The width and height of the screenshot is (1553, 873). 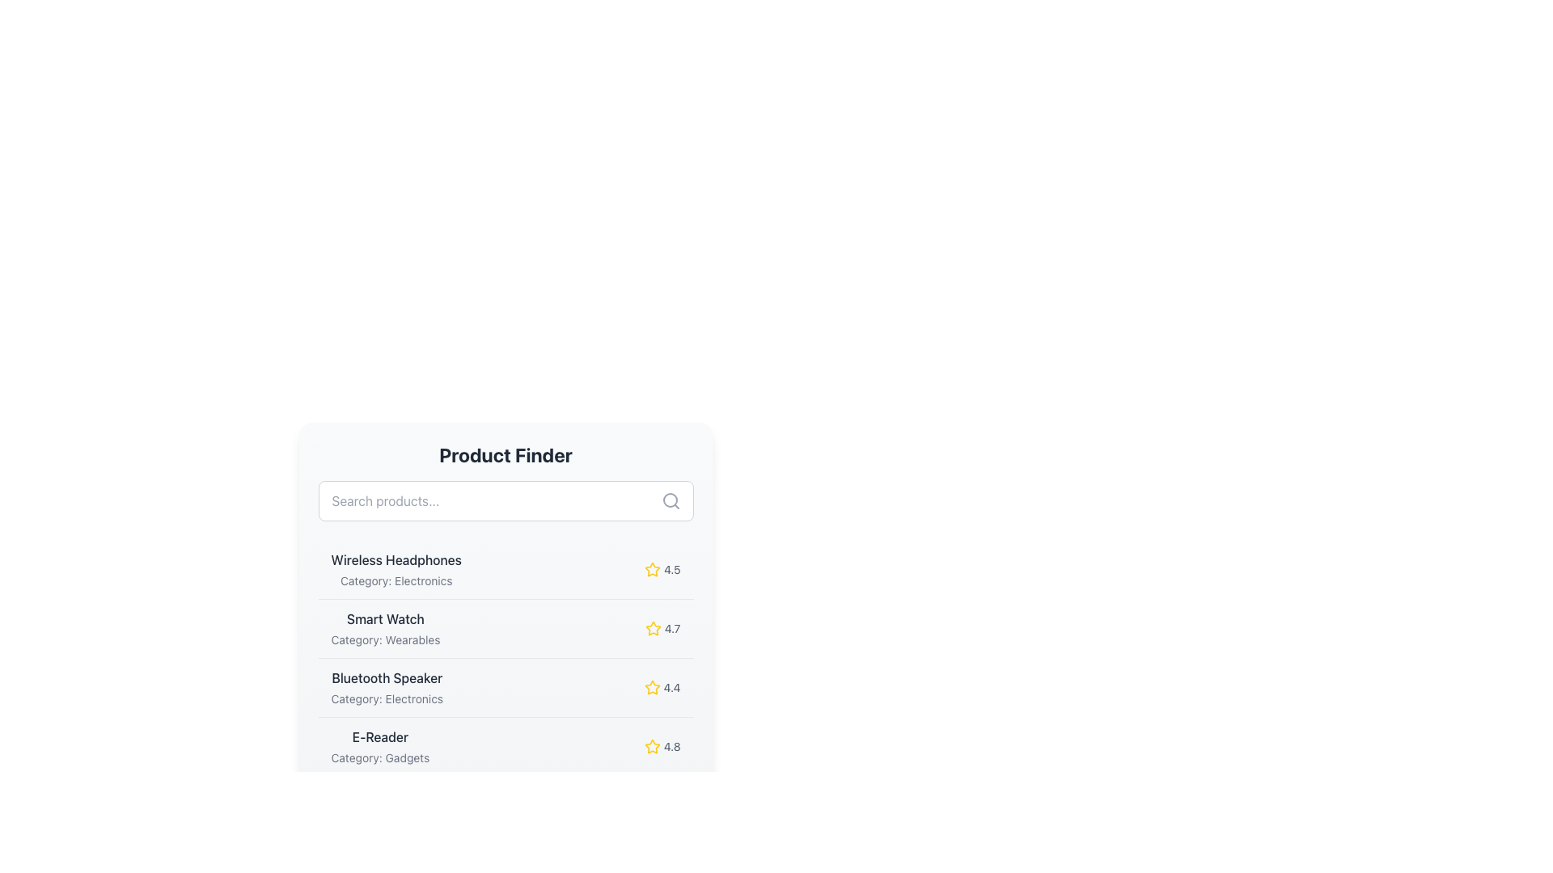 What do you see at coordinates (386, 688) in the screenshot?
I see `the textual display component that shows the product name 'Bluetooth Speaker' and category 'Electronics', positioned in the 'Product Finder' panel` at bounding box center [386, 688].